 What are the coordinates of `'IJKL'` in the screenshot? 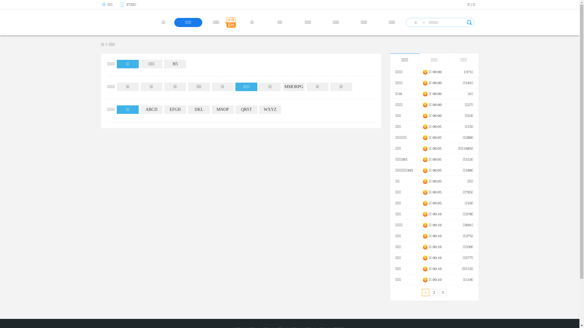 It's located at (199, 110).